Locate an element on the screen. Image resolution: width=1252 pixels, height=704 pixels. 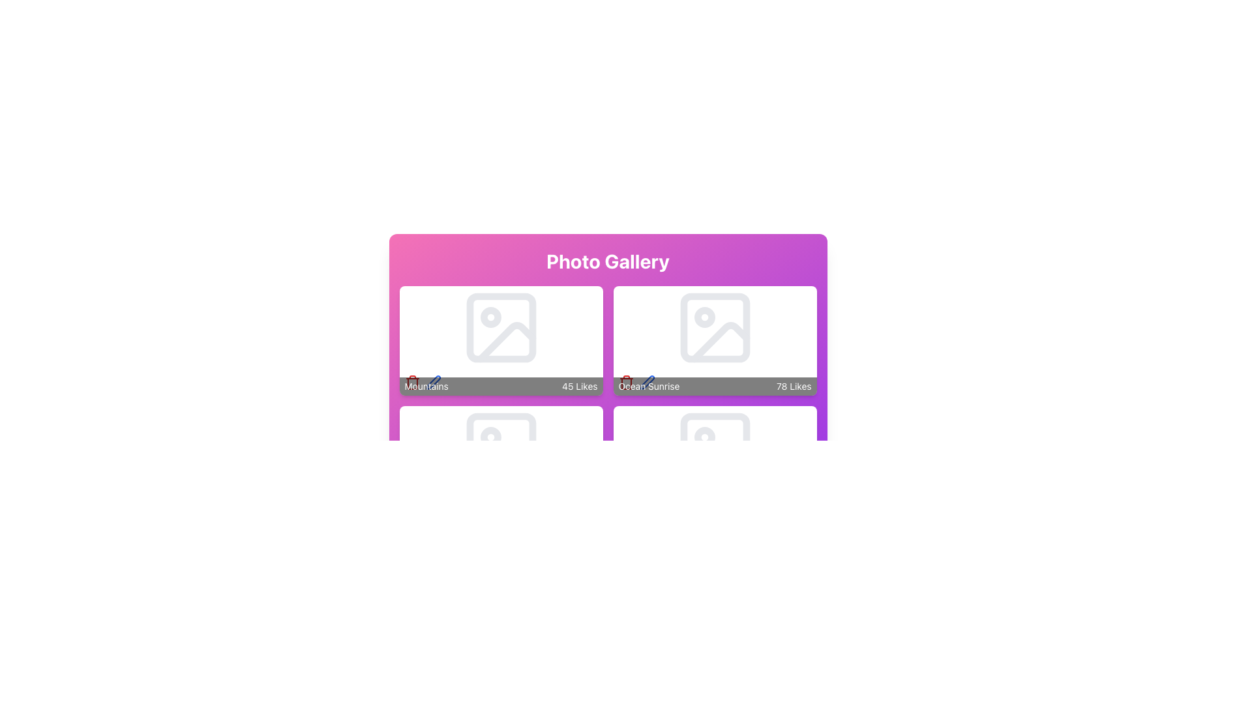
the first card in the gallery section, which displays an image preview, a title, and a like count is located at coordinates (500, 340).